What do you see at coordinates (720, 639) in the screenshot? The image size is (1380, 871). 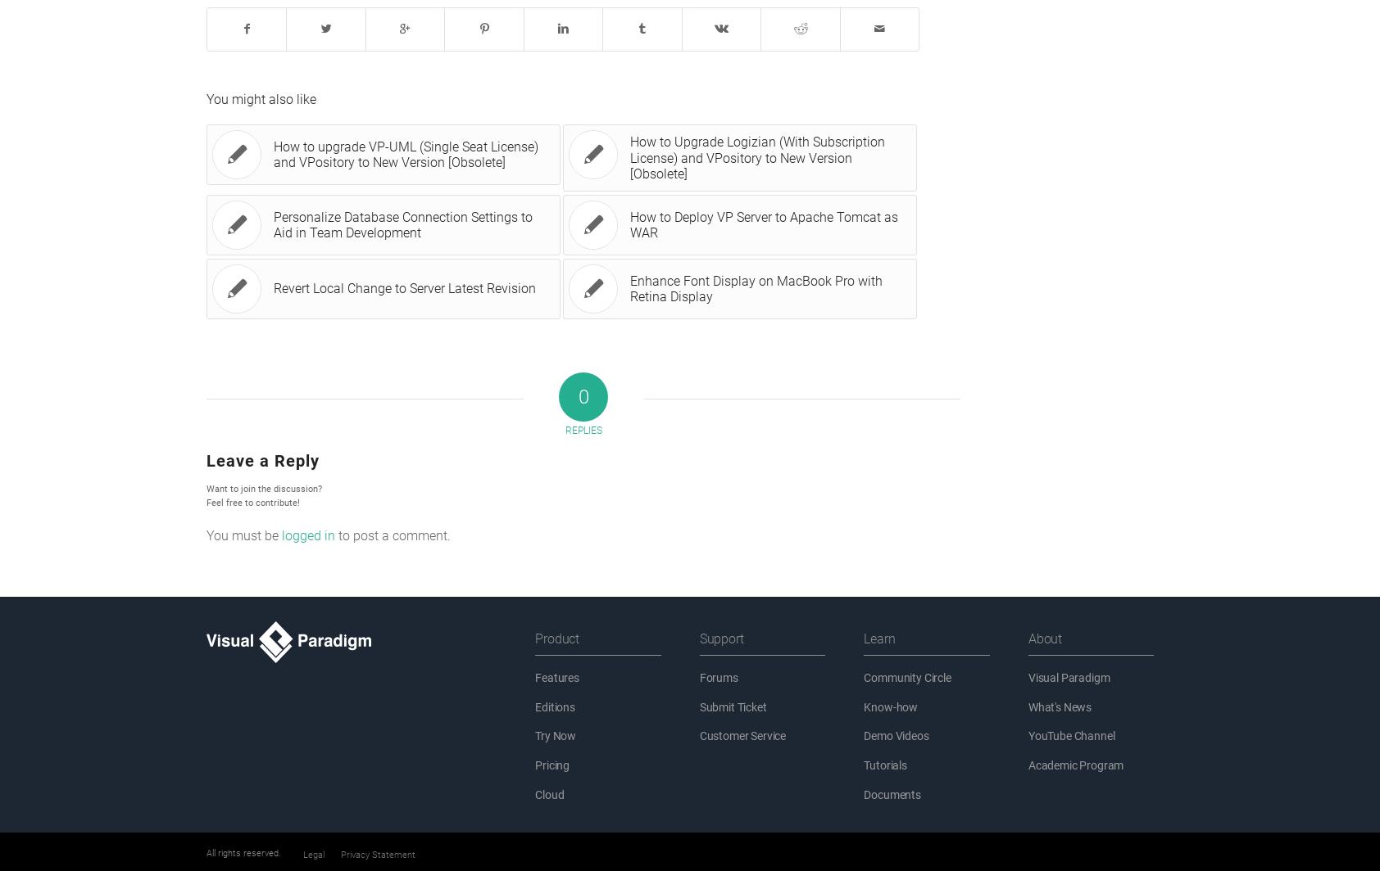 I see `'Support'` at bounding box center [720, 639].